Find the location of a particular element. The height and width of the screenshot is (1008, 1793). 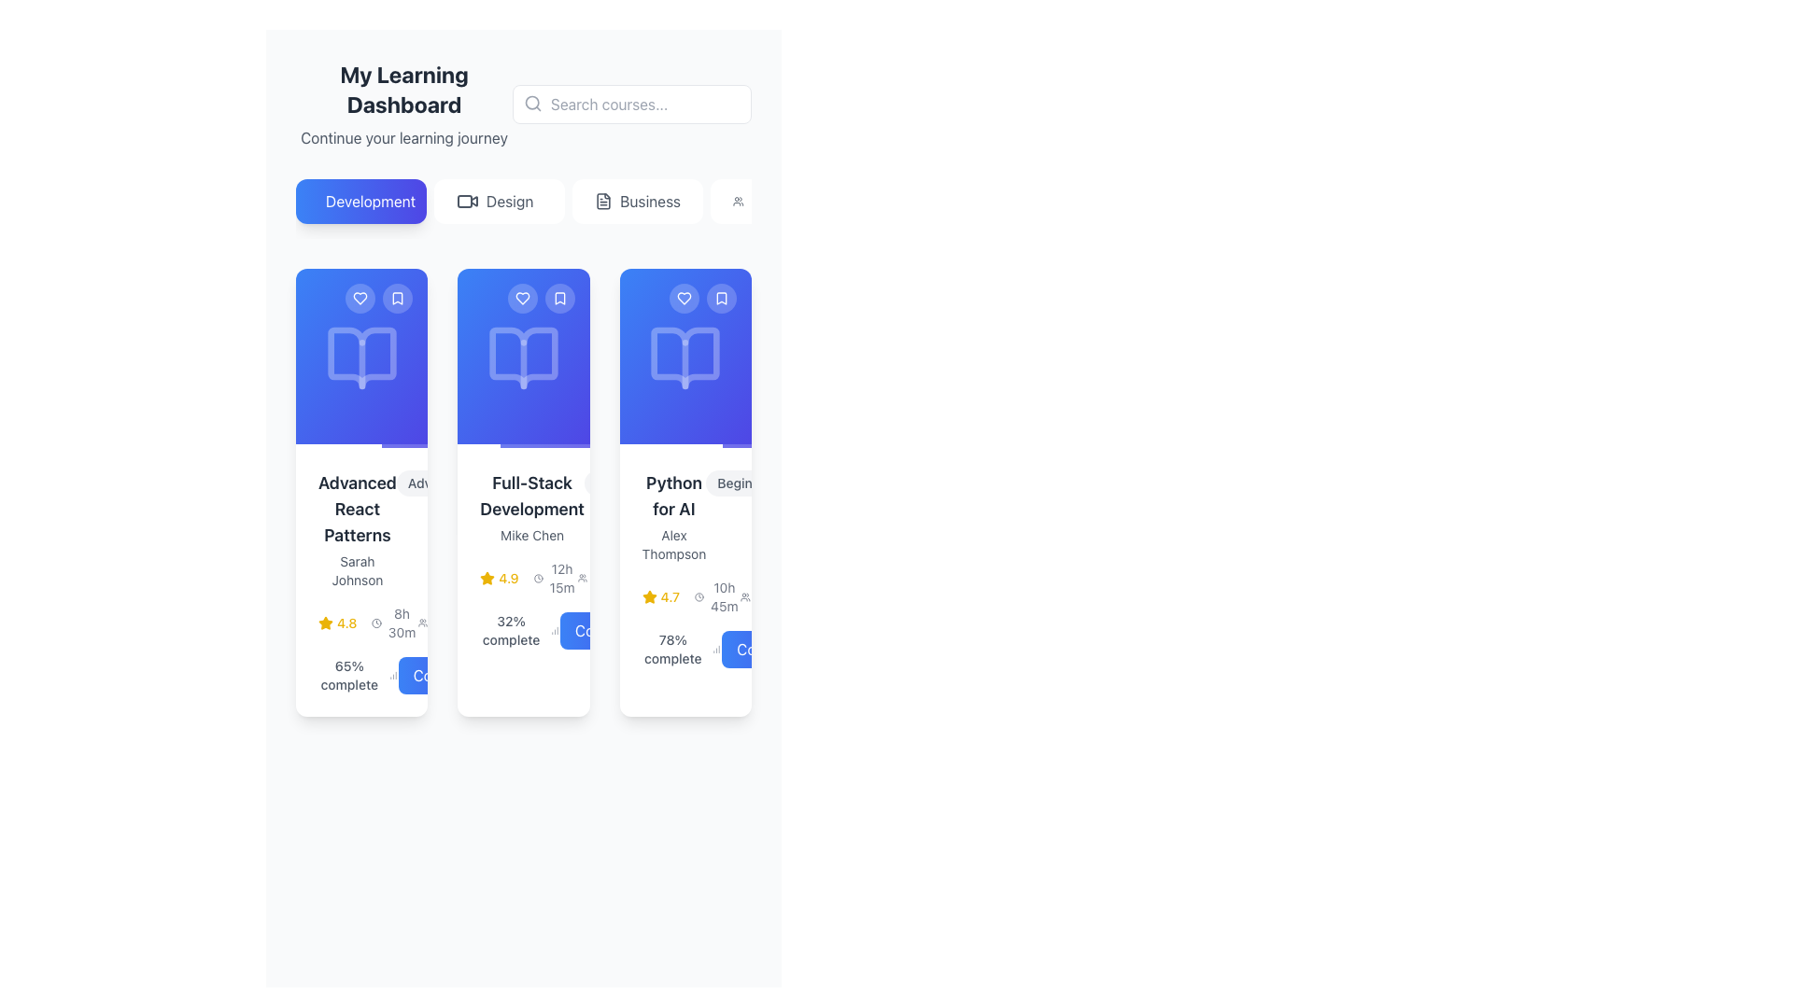

the informative display block containing the yellow star icon and the ratings '4.8' along with the clock icon and duration '8h 30m', located in the 'Advanced React Patterns' course card is located at coordinates (361, 623).